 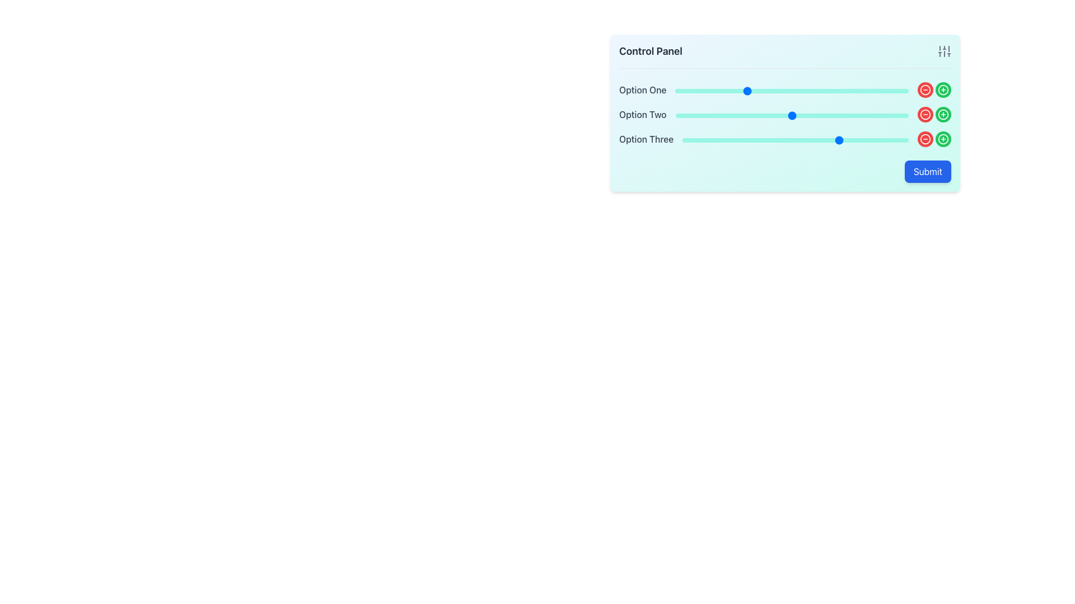 I want to click on the first icon in the top-right corner of the 'Option One' row, so click(x=925, y=89).